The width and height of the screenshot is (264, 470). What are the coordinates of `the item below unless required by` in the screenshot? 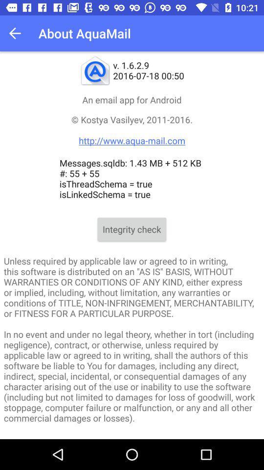 It's located at (132, 436).